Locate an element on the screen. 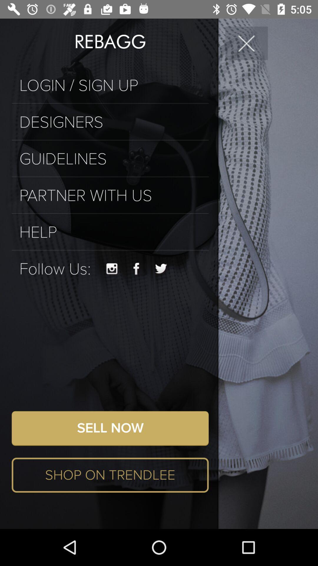 The image size is (318, 566). icon on the left is located at coordinates (55, 269).